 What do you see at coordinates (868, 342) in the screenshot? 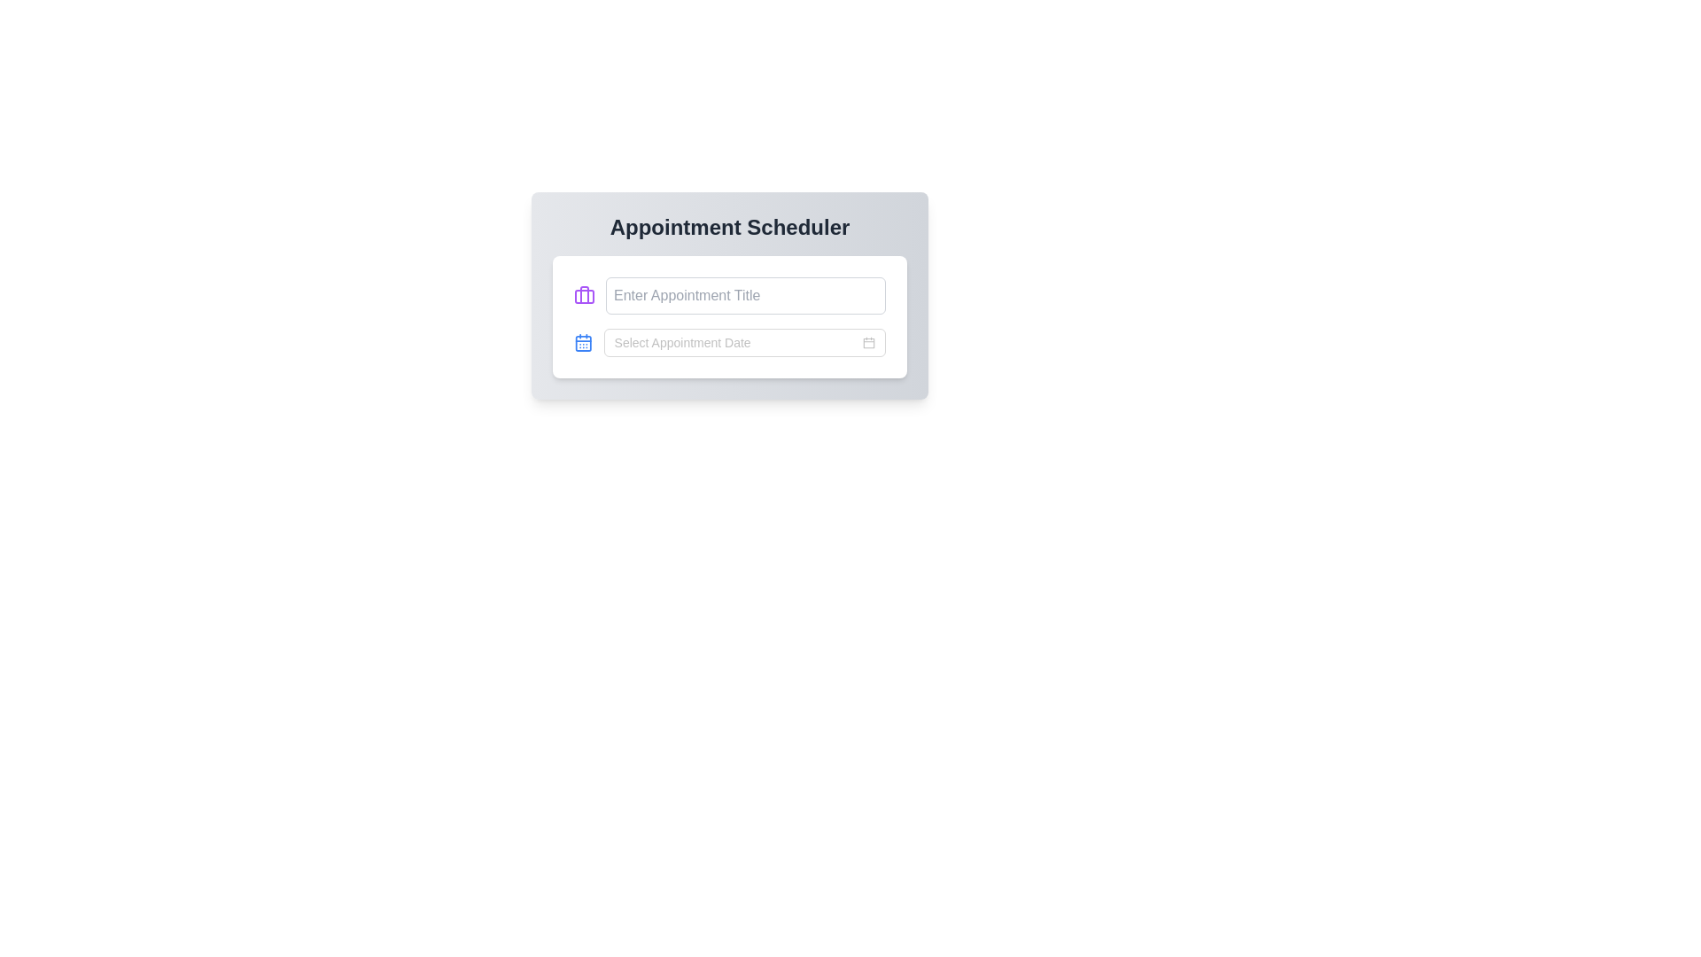
I see `the small gray calendar icon button located at the far-right side of the 'Select Appointment Date' text input field` at bounding box center [868, 342].